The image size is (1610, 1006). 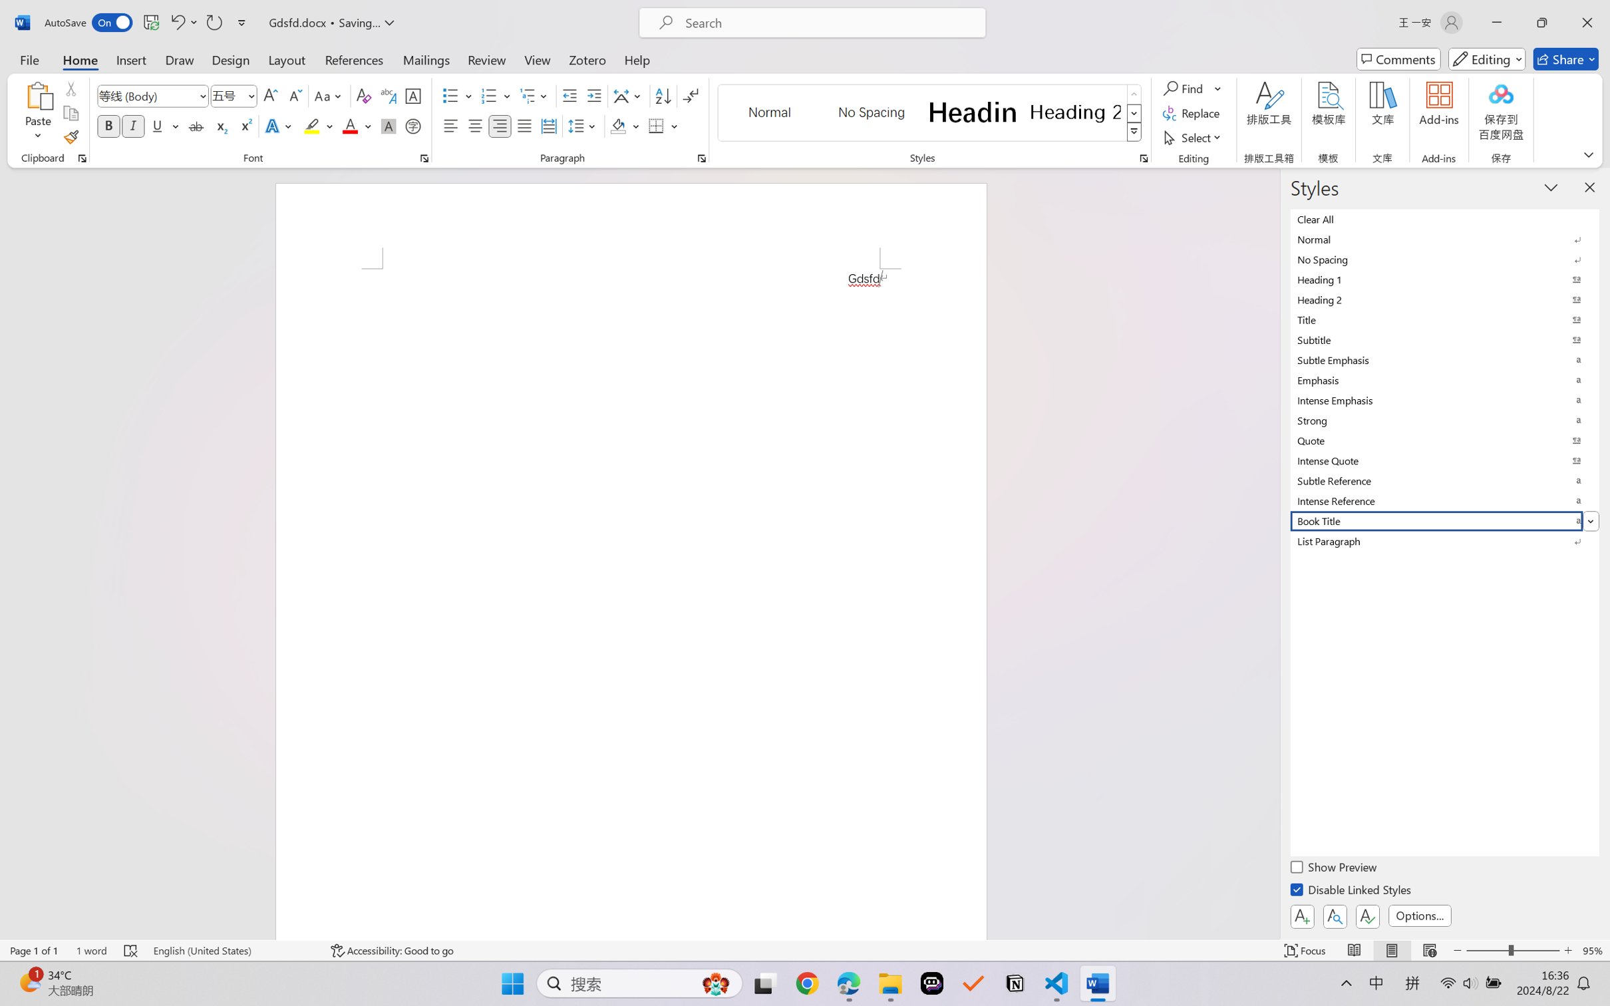 I want to click on 'Select', so click(x=1194, y=138).